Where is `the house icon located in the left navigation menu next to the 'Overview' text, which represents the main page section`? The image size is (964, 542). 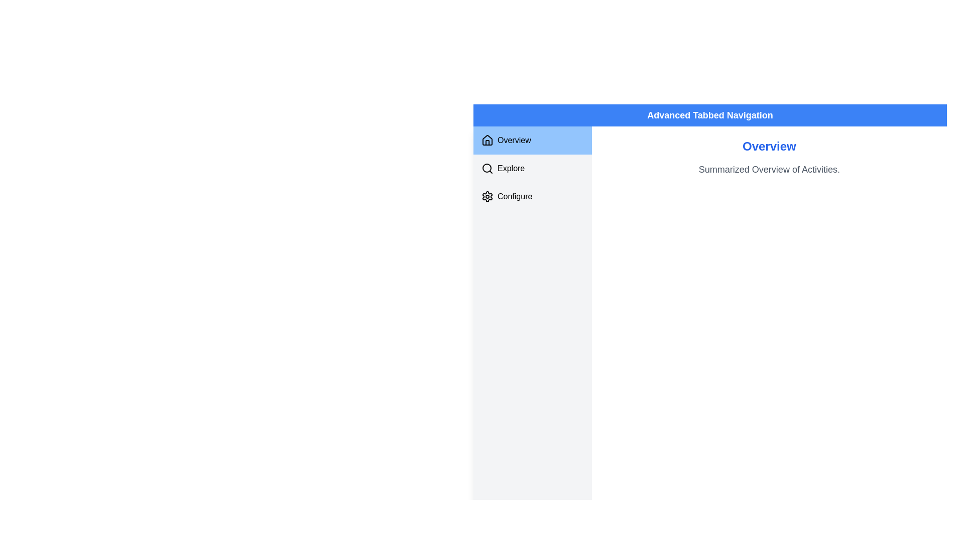 the house icon located in the left navigation menu next to the 'Overview' text, which represents the main page section is located at coordinates (487, 140).